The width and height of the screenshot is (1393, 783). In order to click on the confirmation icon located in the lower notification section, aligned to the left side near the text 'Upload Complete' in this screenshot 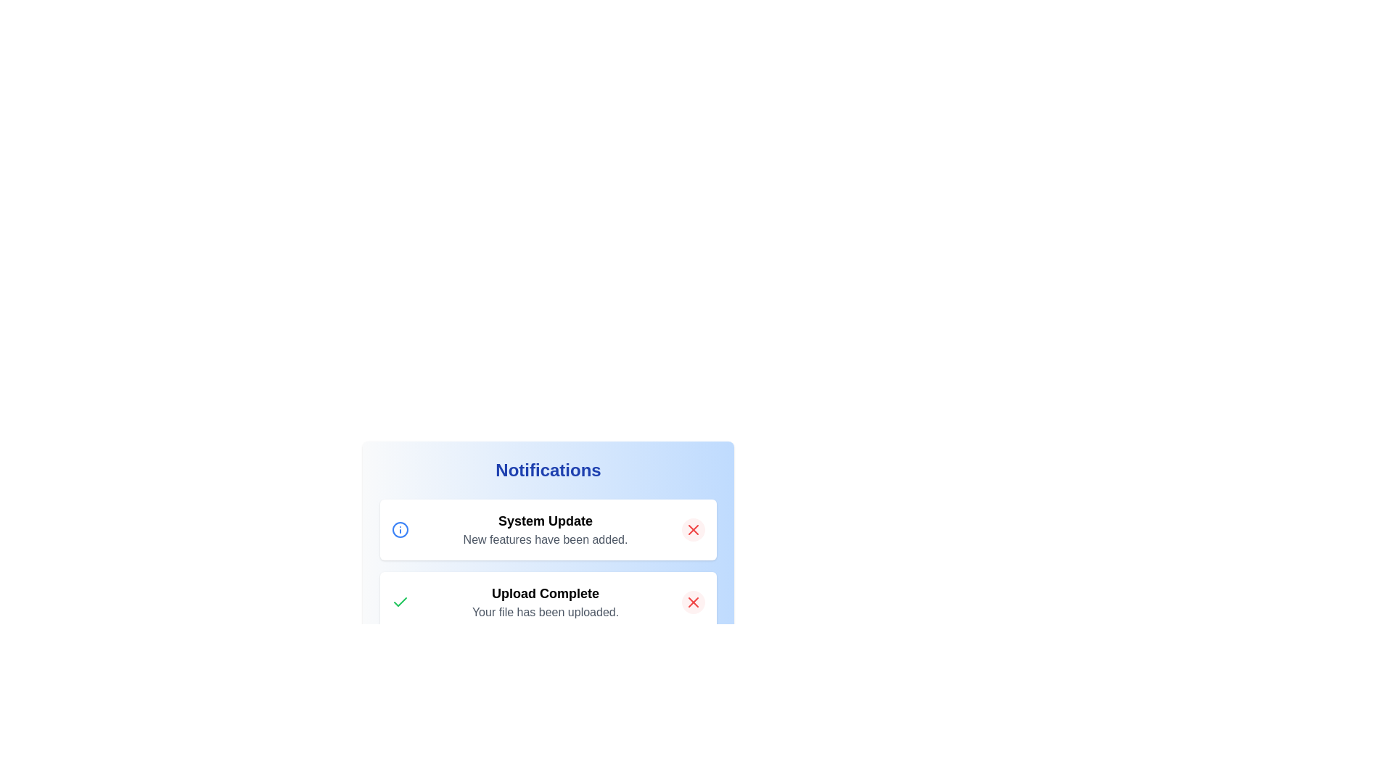, I will do `click(400, 602)`.